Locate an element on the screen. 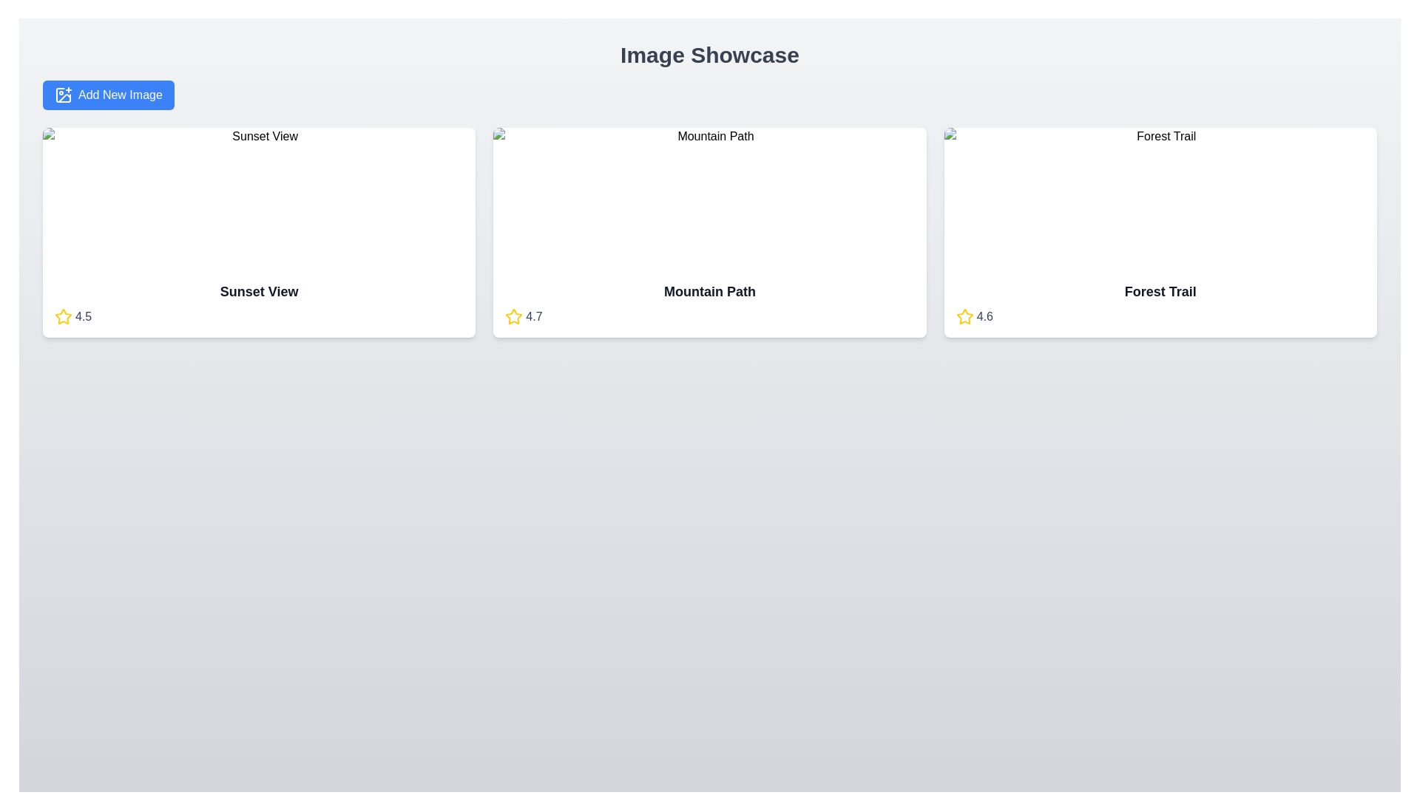 Image resolution: width=1420 pixels, height=798 pixels. the icon located on the left side of the 'Add New Image' button, positioned in the upper-left corner of the interface is located at coordinates (63, 95).